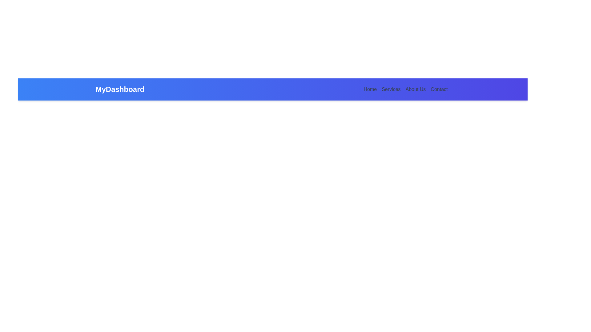 Image resolution: width=591 pixels, height=332 pixels. Describe the element at coordinates (370, 89) in the screenshot. I see `the 'Home' navigation link, which is the first item` at that location.